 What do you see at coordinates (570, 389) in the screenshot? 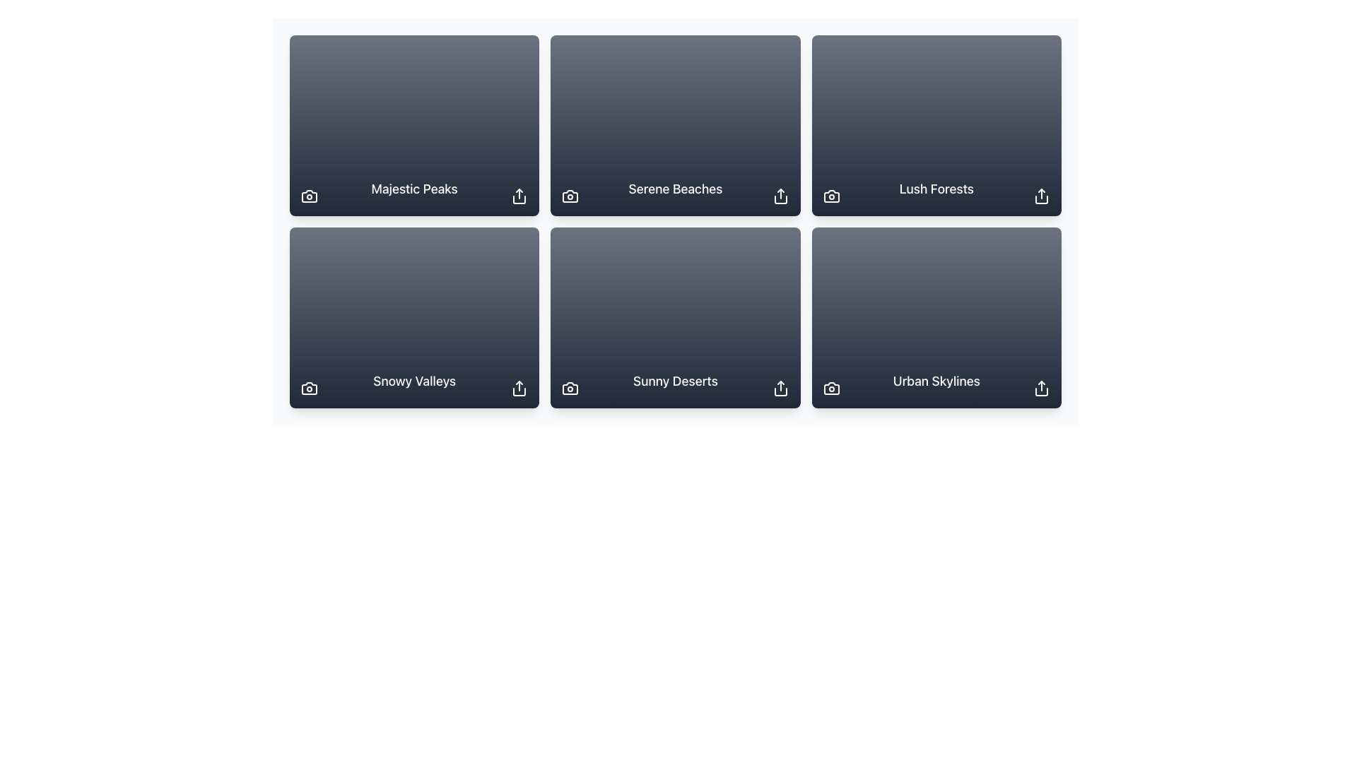
I see `the camera icon located in the lower-left corner of the card labeled 'Sunny Deserts' which is styled in dark blue or black` at bounding box center [570, 389].